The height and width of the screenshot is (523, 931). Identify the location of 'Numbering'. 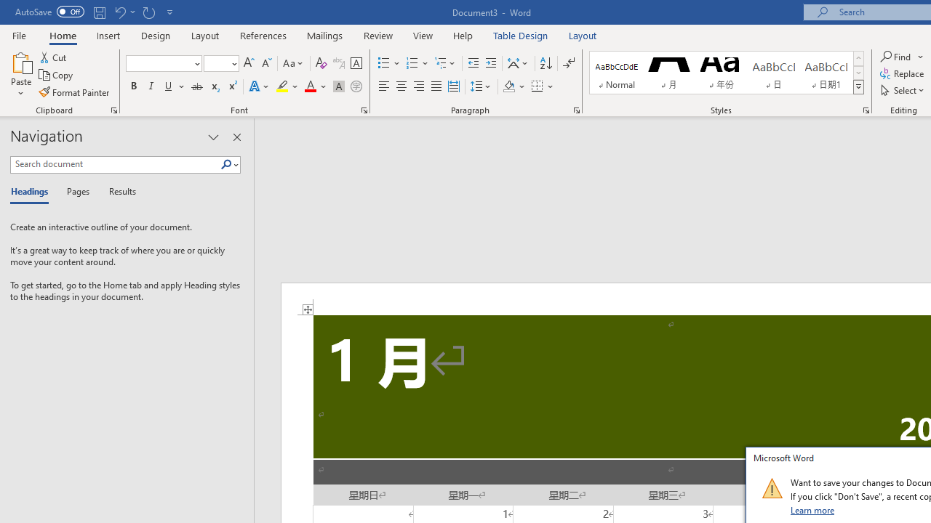
(412, 62).